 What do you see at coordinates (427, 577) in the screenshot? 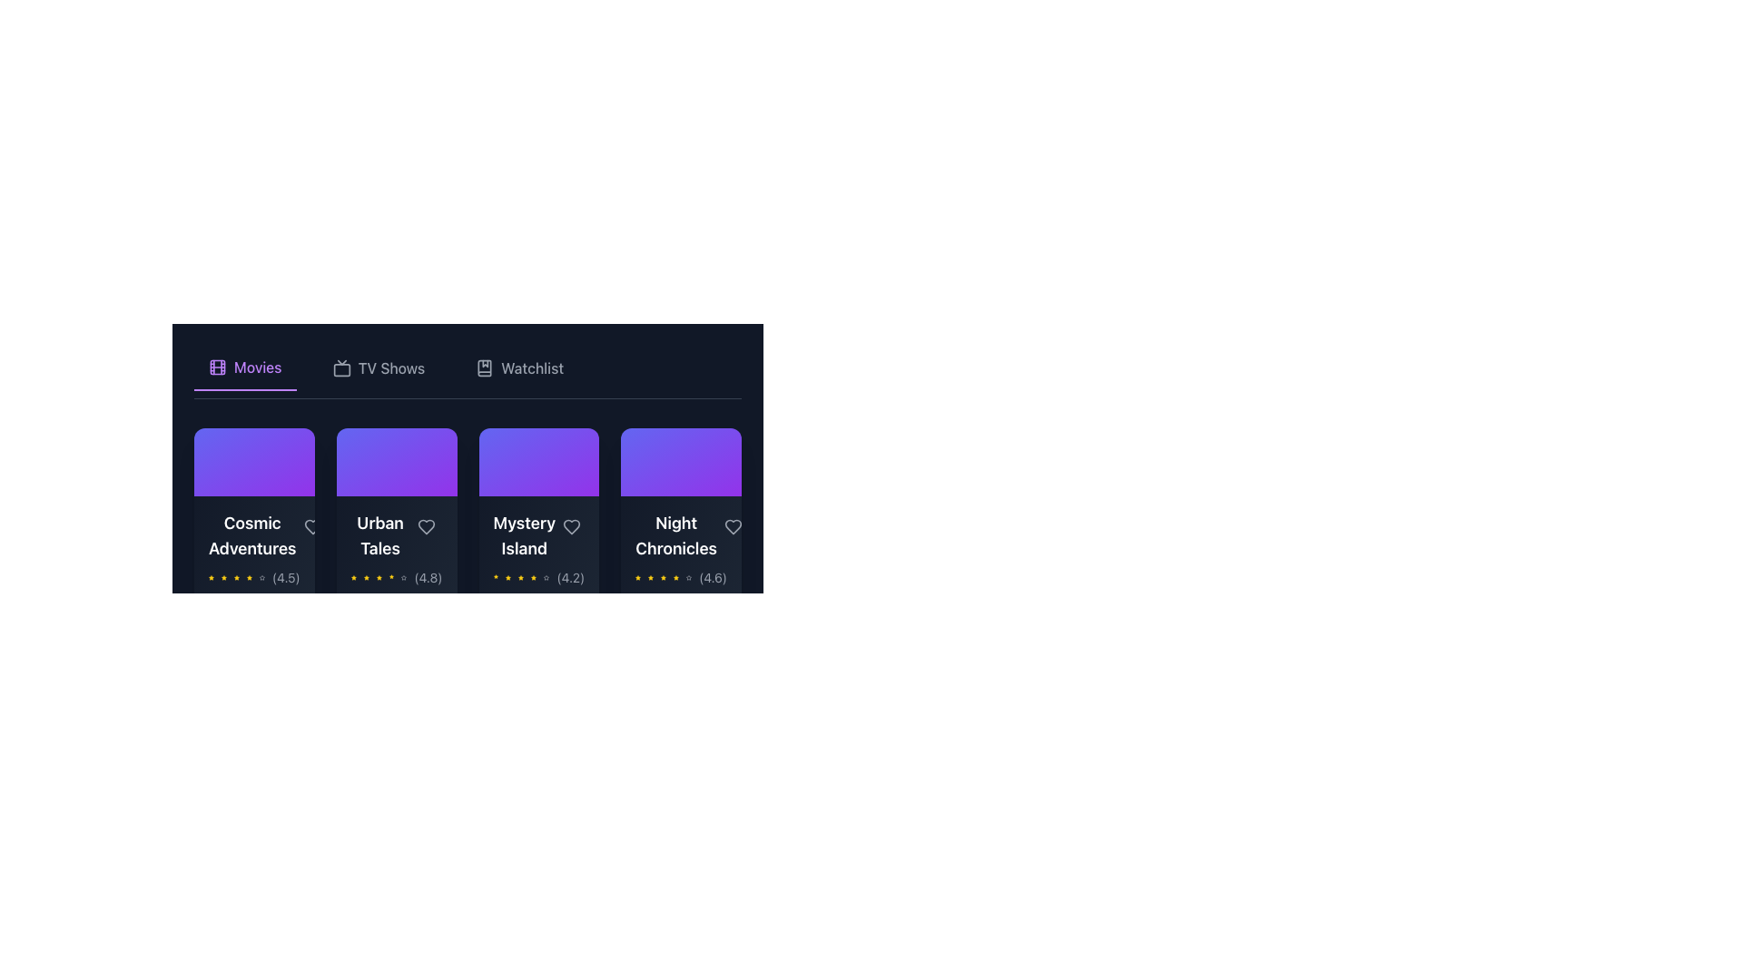
I see `the static text label displaying the numerical value '(4.8)' located at the bottom-right of the movie card 'Urban Tales', next to the yellow star icons` at bounding box center [427, 577].